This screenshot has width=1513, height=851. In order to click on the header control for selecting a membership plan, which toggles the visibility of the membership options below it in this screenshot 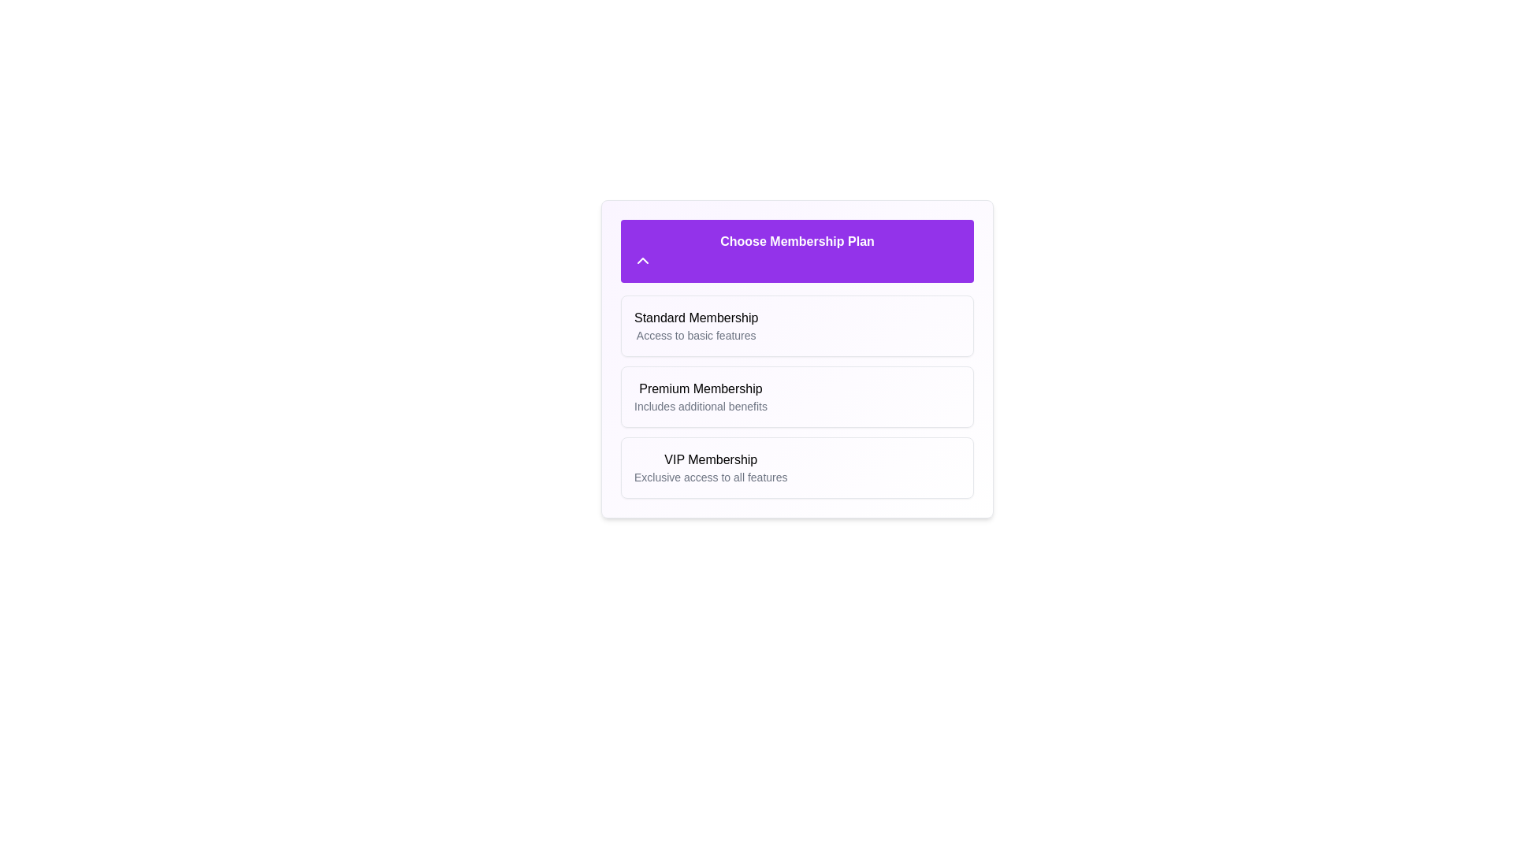, I will do `click(797, 251)`.